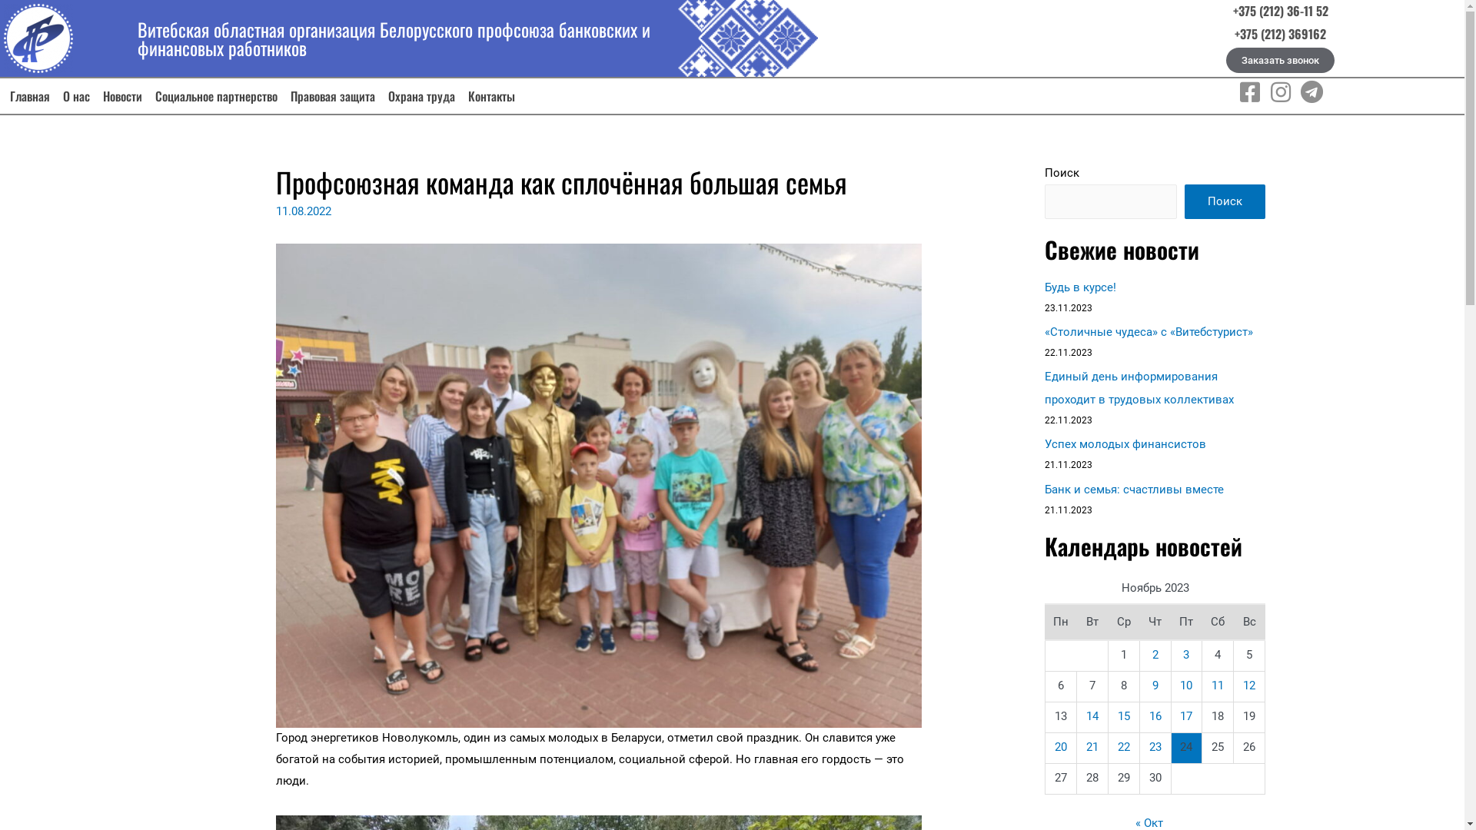 The height and width of the screenshot is (830, 1476). I want to click on '21', so click(1085, 746).